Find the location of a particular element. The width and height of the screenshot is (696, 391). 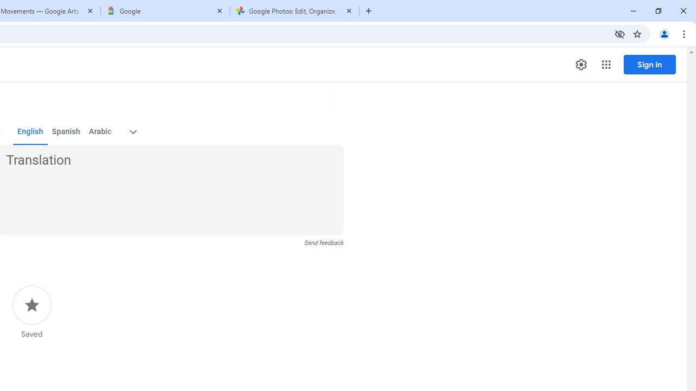

'Send feedback' is located at coordinates (323, 242).